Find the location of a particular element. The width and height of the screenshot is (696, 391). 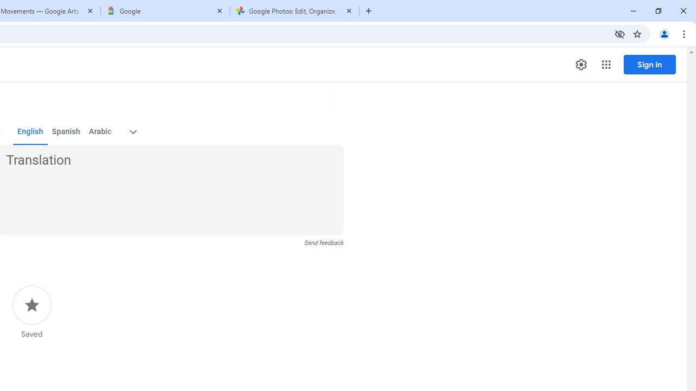

'Send feedback' is located at coordinates (323, 242).